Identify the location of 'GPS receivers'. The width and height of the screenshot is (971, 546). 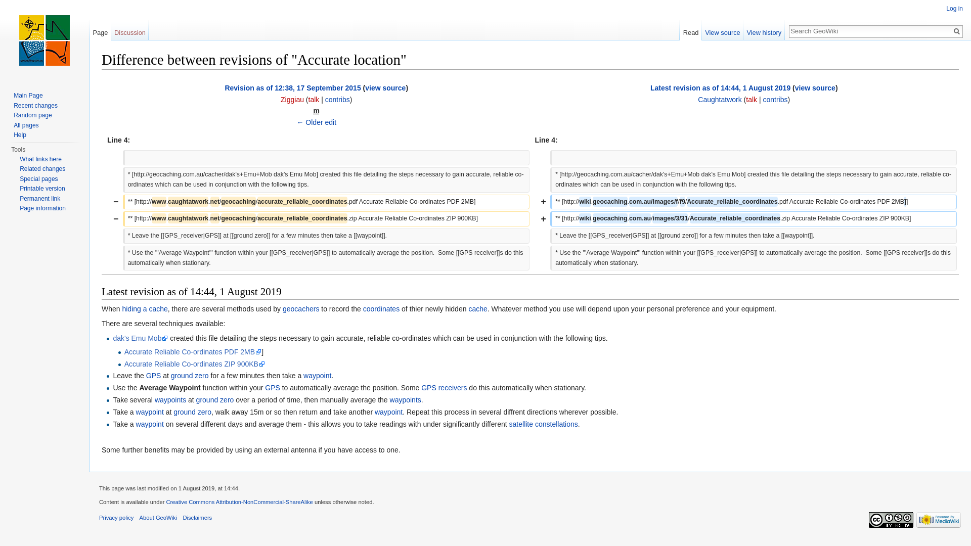
(444, 387).